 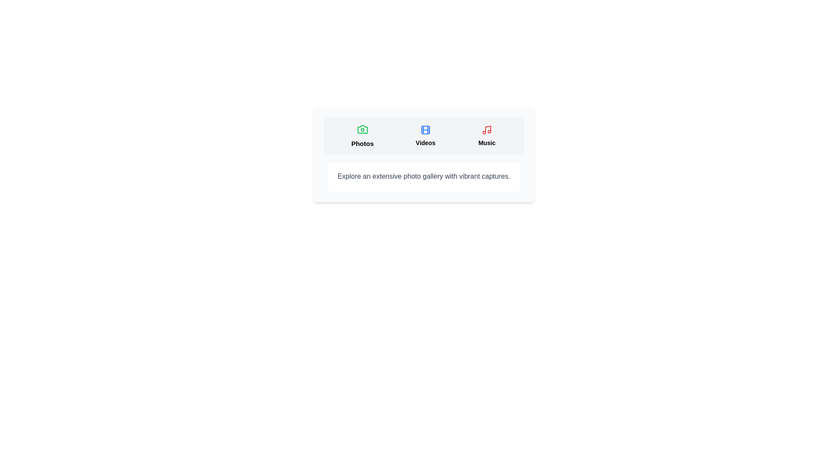 I want to click on the tab labeled Photos to trigger the hover effect, so click(x=362, y=136).